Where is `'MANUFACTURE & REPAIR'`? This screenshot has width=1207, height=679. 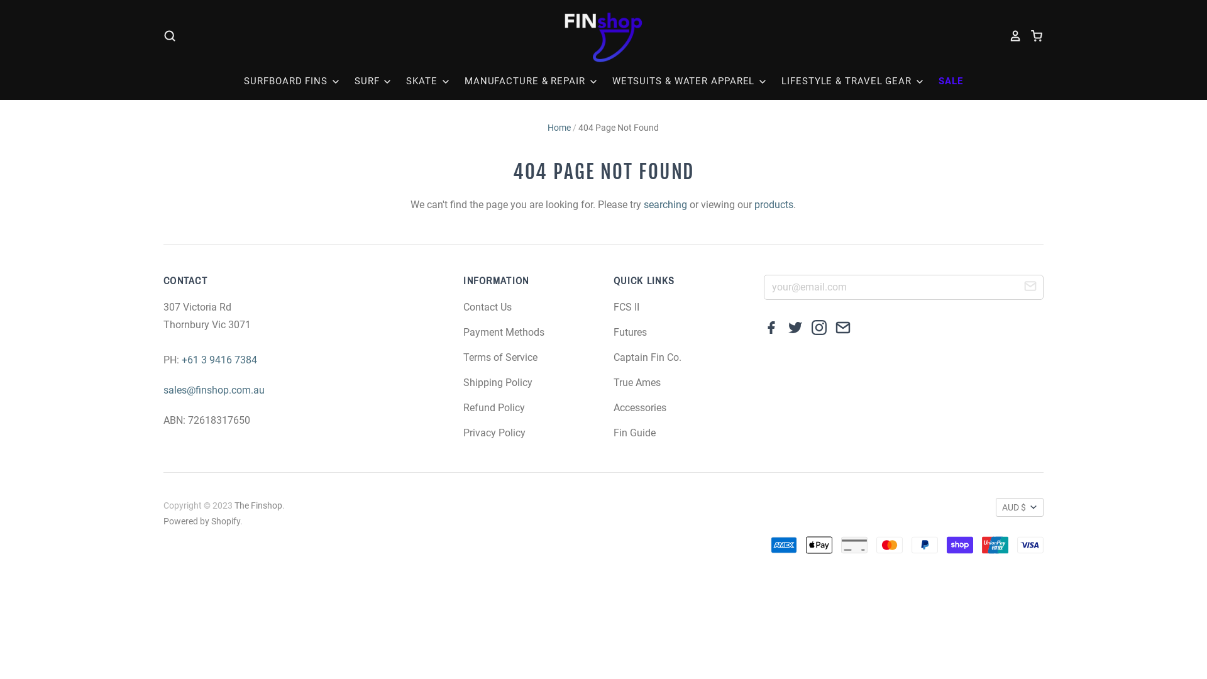
'MANUFACTURE & REPAIR' is located at coordinates (525, 80).